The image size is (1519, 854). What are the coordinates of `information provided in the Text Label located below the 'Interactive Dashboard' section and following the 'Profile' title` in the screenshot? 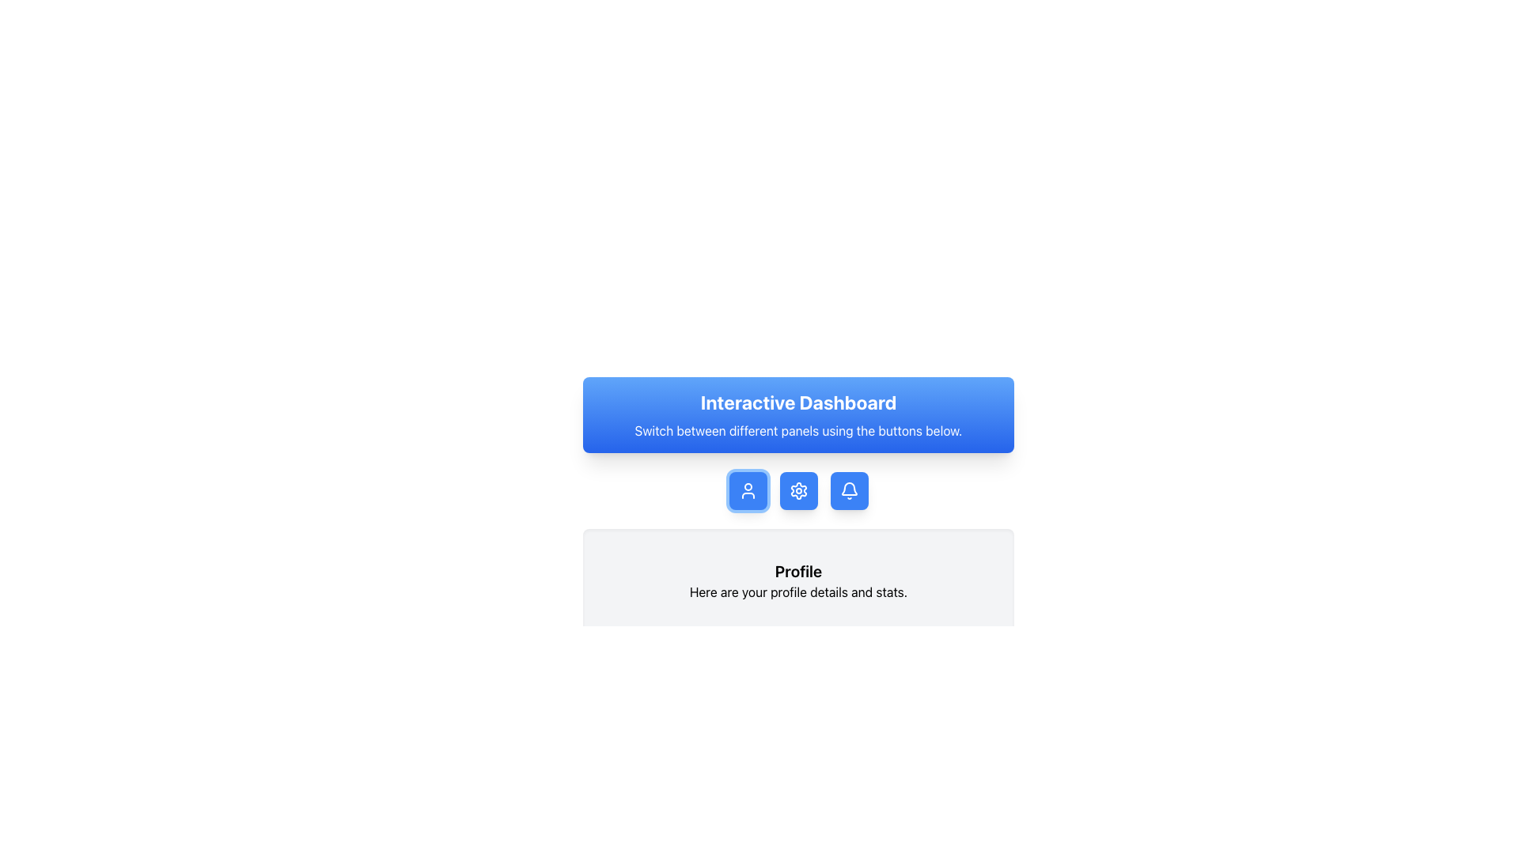 It's located at (798, 591).